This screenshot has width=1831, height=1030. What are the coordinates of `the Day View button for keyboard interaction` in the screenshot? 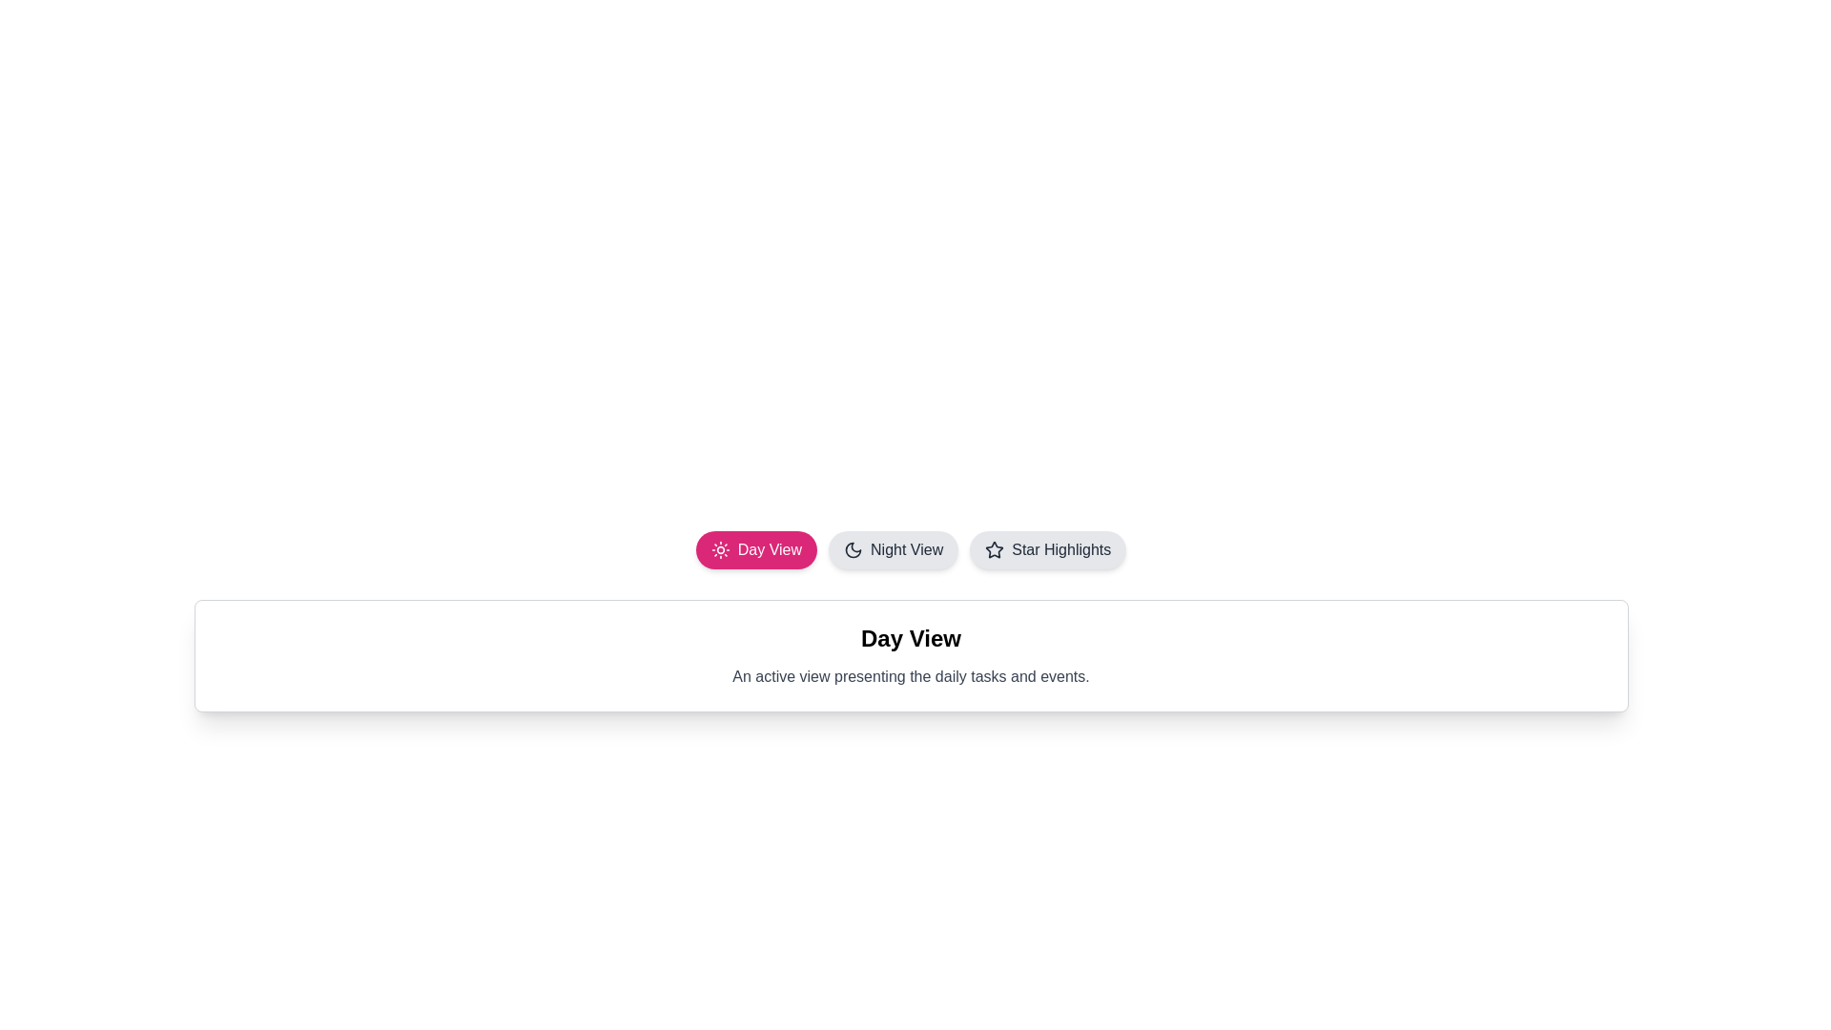 It's located at (754, 550).